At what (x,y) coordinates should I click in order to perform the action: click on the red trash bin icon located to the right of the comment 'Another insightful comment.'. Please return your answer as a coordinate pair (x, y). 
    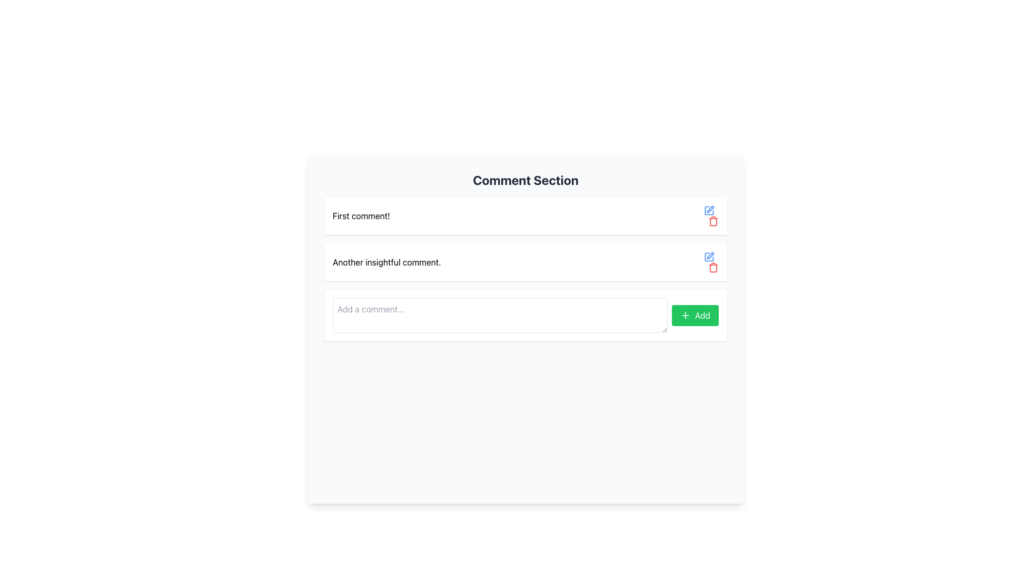
    Looking at the image, I should click on (711, 261).